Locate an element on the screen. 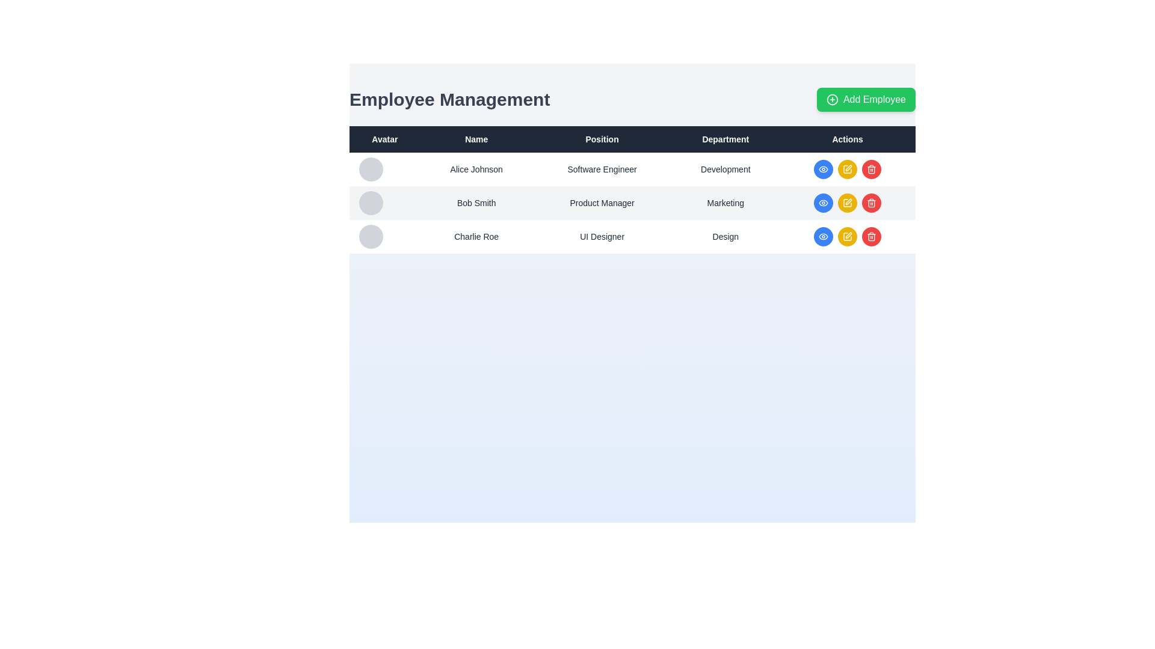 Image resolution: width=1155 pixels, height=649 pixels. the edit icon button with a pencil inside a square, located in the Actions column of the second row for 'Bob Smith' is located at coordinates (847, 169).